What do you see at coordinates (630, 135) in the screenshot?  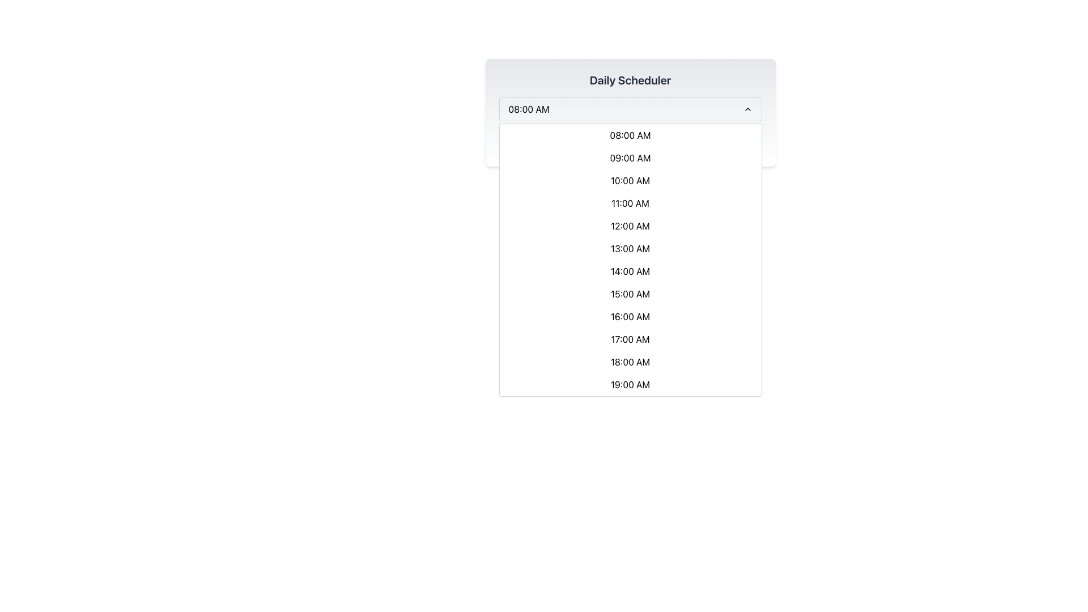 I see `the first selectable time option '08:00 AM' in the dropdown menu below the 'Daily Scheduler' input field` at bounding box center [630, 135].